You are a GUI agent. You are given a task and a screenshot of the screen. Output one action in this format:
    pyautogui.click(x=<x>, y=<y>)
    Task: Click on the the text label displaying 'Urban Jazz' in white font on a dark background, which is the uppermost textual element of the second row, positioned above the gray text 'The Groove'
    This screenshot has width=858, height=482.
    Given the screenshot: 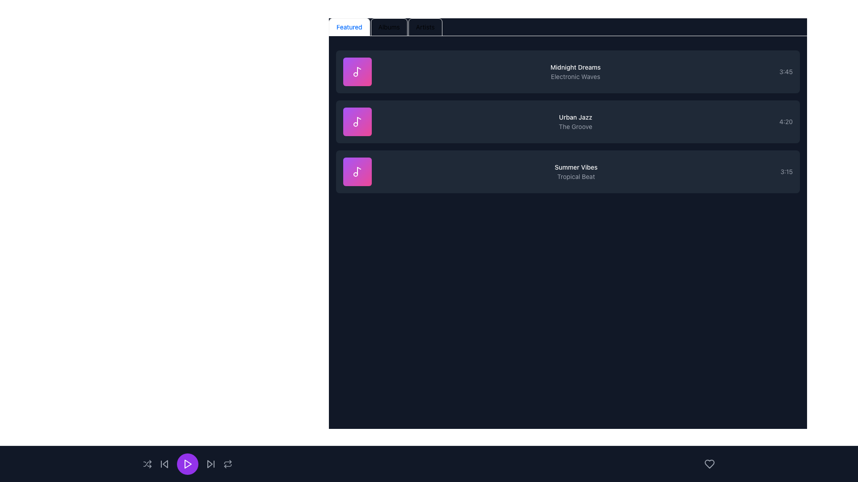 What is the action you would take?
    pyautogui.click(x=576, y=116)
    